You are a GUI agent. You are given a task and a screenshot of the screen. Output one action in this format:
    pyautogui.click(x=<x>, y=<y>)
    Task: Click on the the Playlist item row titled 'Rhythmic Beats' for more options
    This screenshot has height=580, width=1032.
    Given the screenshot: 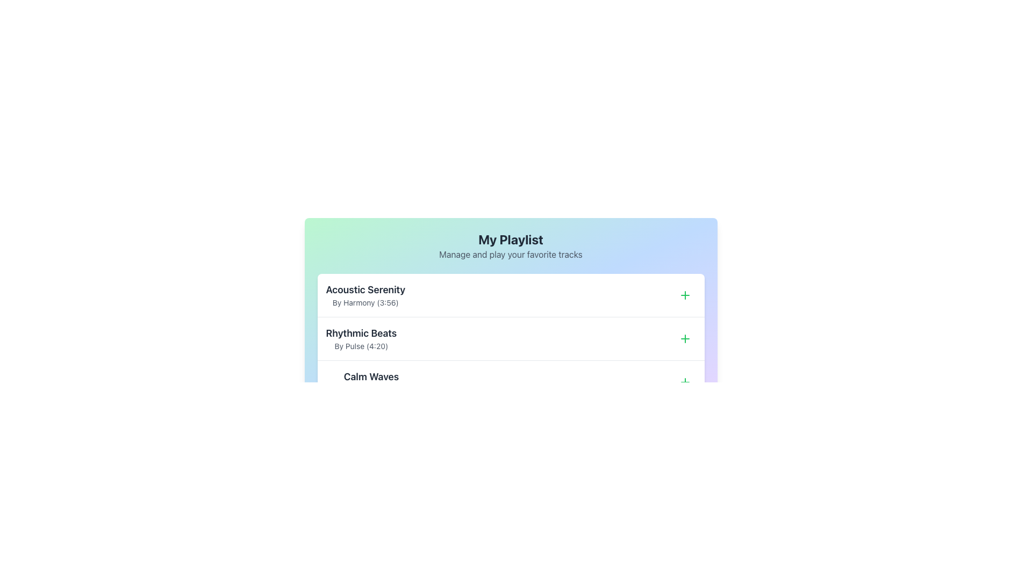 What is the action you would take?
    pyautogui.click(x=510, y=338)
    